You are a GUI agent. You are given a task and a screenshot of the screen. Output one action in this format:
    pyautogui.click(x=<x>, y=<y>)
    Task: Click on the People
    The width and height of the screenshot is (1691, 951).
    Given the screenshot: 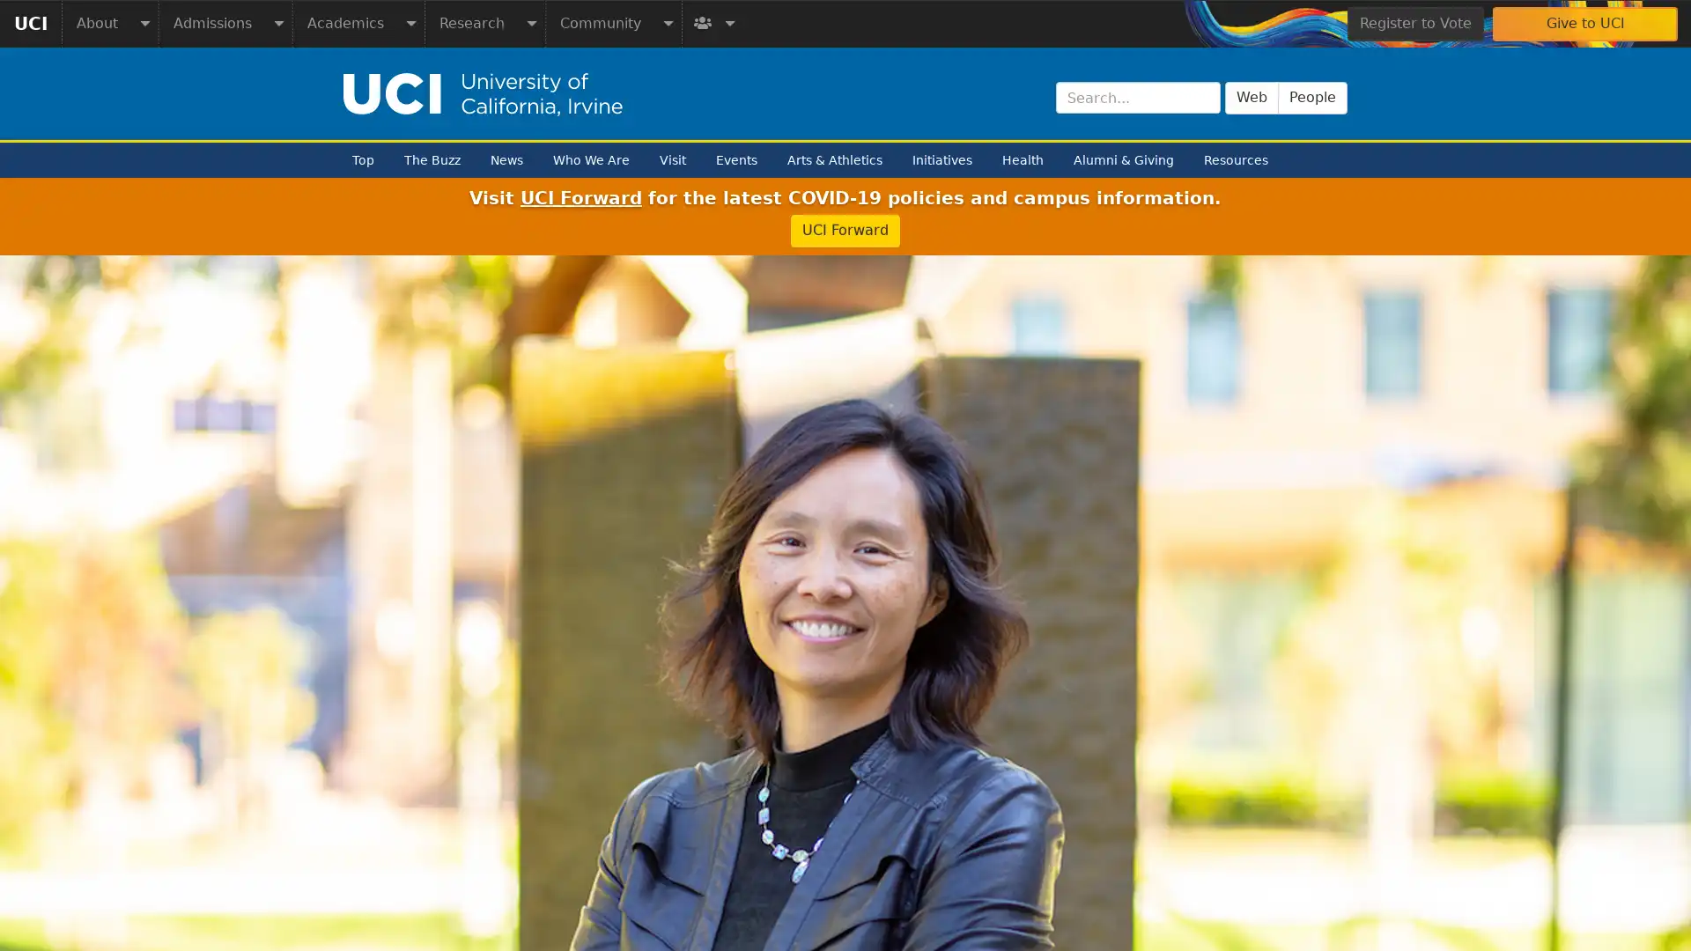 What is the action you would take?
    pyautogui.click(x=1312, y=97)
    